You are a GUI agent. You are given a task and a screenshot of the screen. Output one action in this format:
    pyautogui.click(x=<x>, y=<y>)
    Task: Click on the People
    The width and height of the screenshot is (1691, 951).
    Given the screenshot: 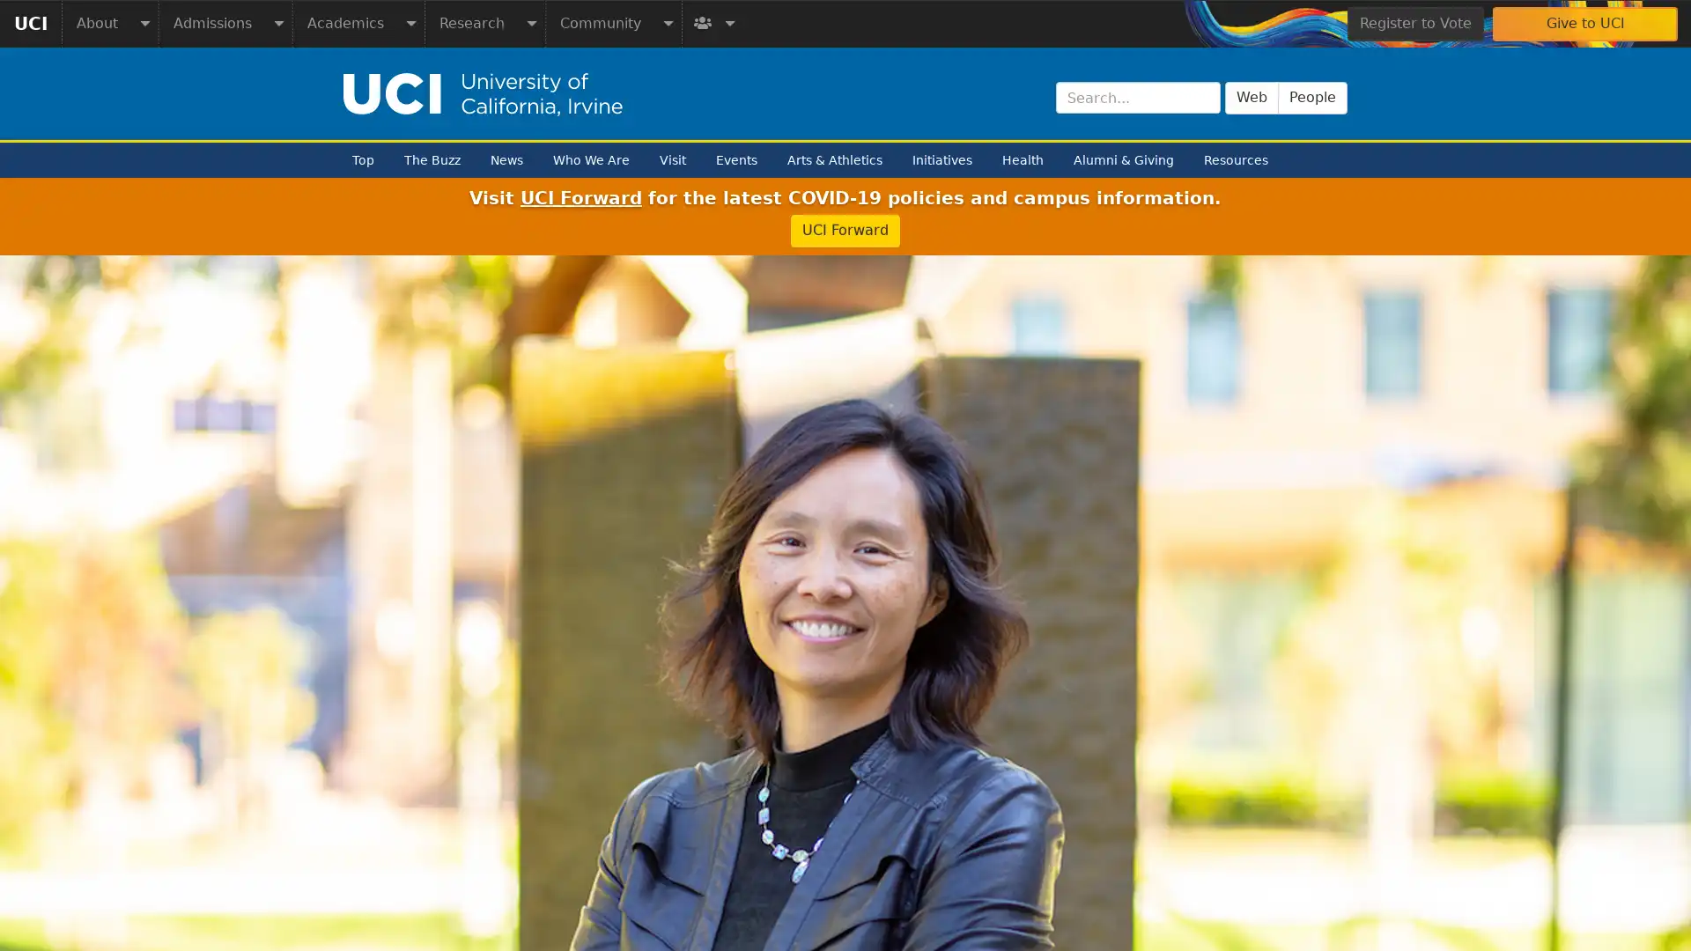 What is the action you would take?
    pyautogui.click(x=1312, y=97)
    